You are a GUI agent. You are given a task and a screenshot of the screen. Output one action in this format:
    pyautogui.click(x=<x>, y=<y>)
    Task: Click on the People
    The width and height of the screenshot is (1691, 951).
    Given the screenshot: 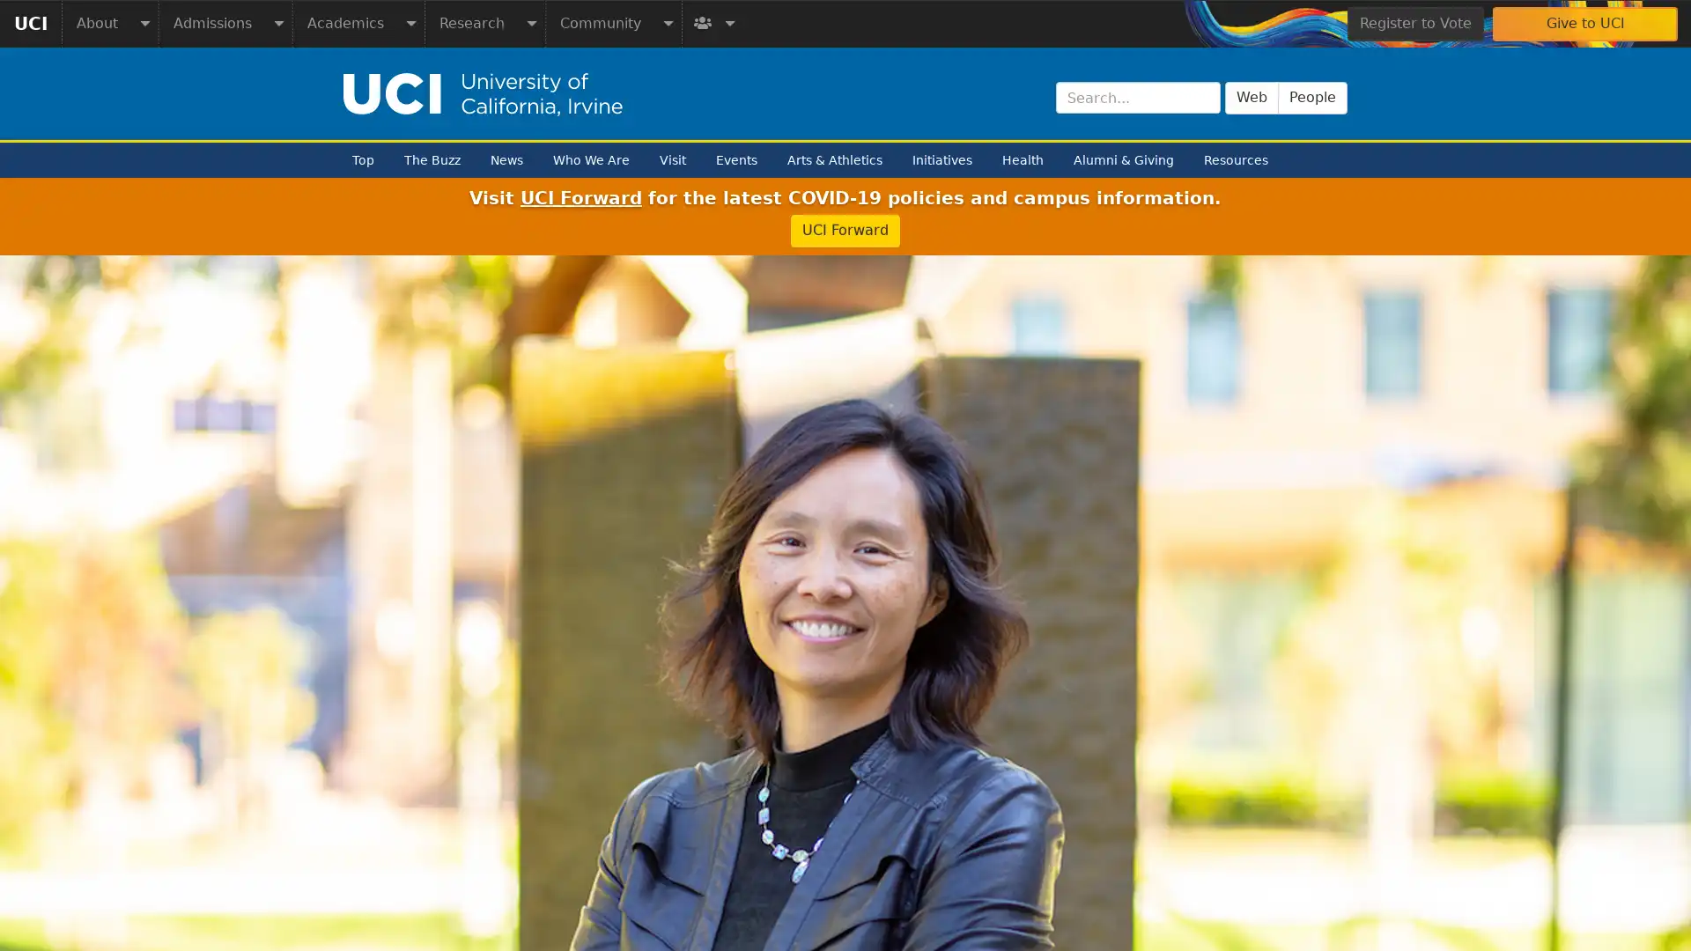 What is the action you would take?
    pyautogui.click(x=1312, y=97)
    